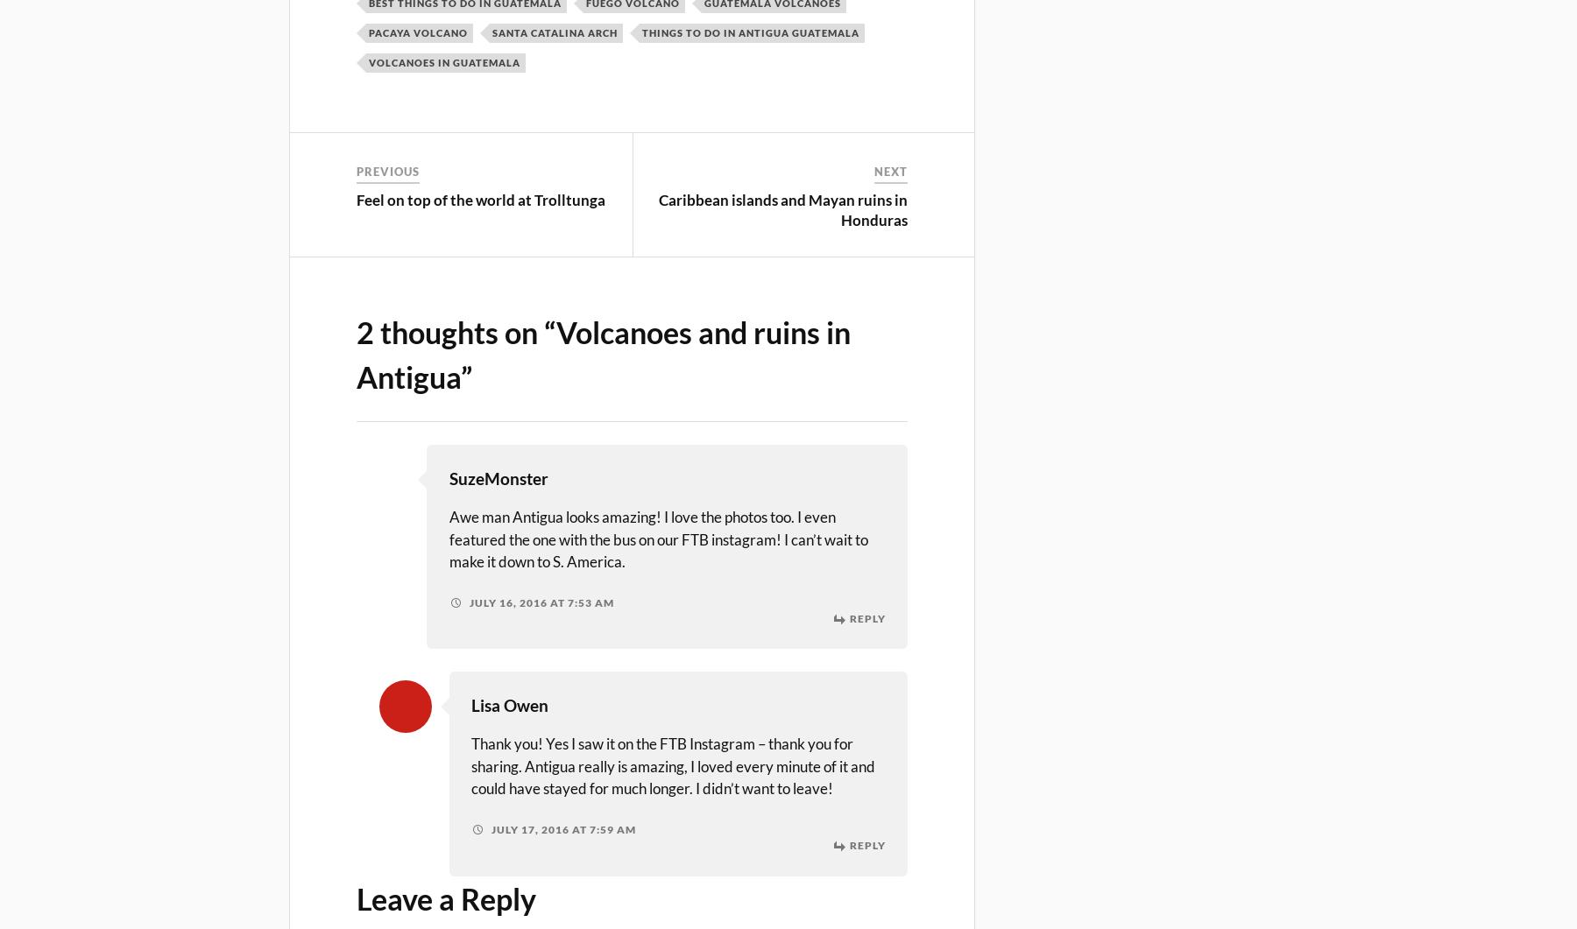 This screenshot has width=1577, height=929. Describe the element at coordinates (455, 331) in the screenshot. I see `'2 thoughts on “'` at that location.